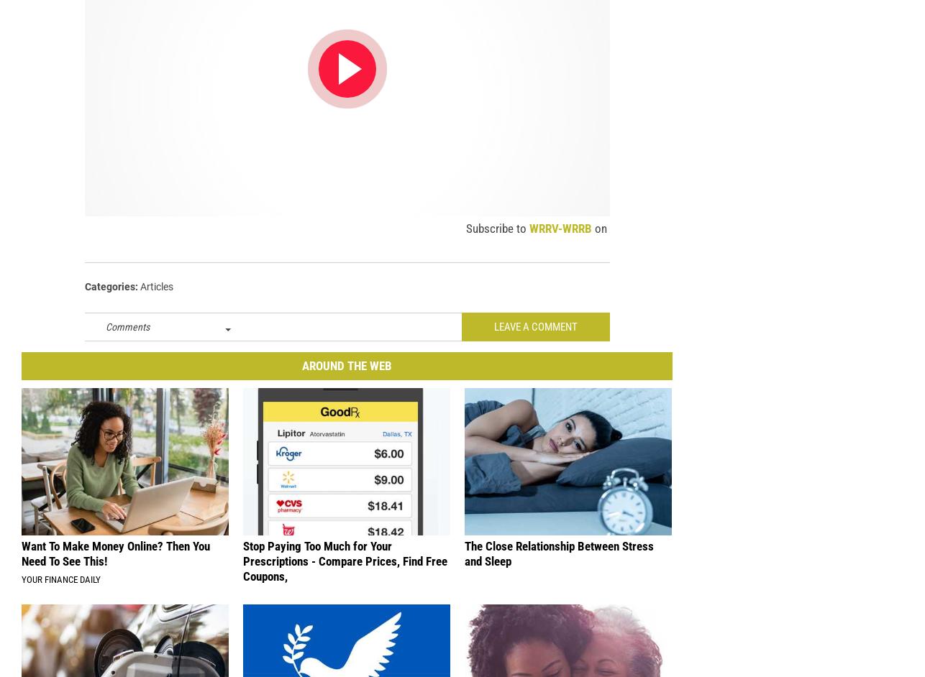 The width and height of the screenshot is (925, 677). Describe the element at coordinates (535, 334) in the screenshot. I see `'Leave A Comment'` at that location.